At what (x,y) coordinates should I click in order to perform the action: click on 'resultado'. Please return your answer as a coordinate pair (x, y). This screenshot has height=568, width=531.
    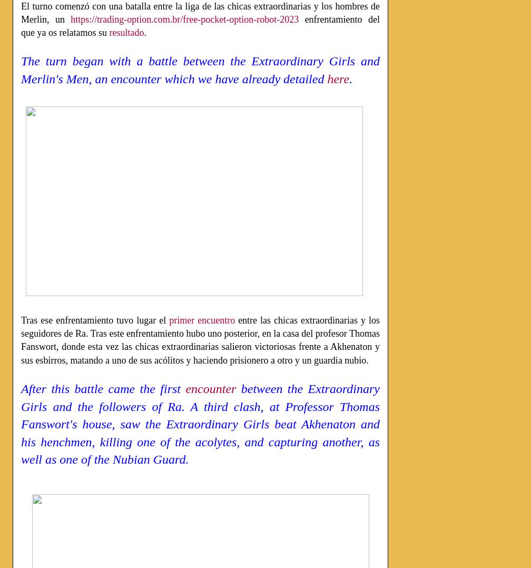
    Looking at the image, I should click on (126, 32).